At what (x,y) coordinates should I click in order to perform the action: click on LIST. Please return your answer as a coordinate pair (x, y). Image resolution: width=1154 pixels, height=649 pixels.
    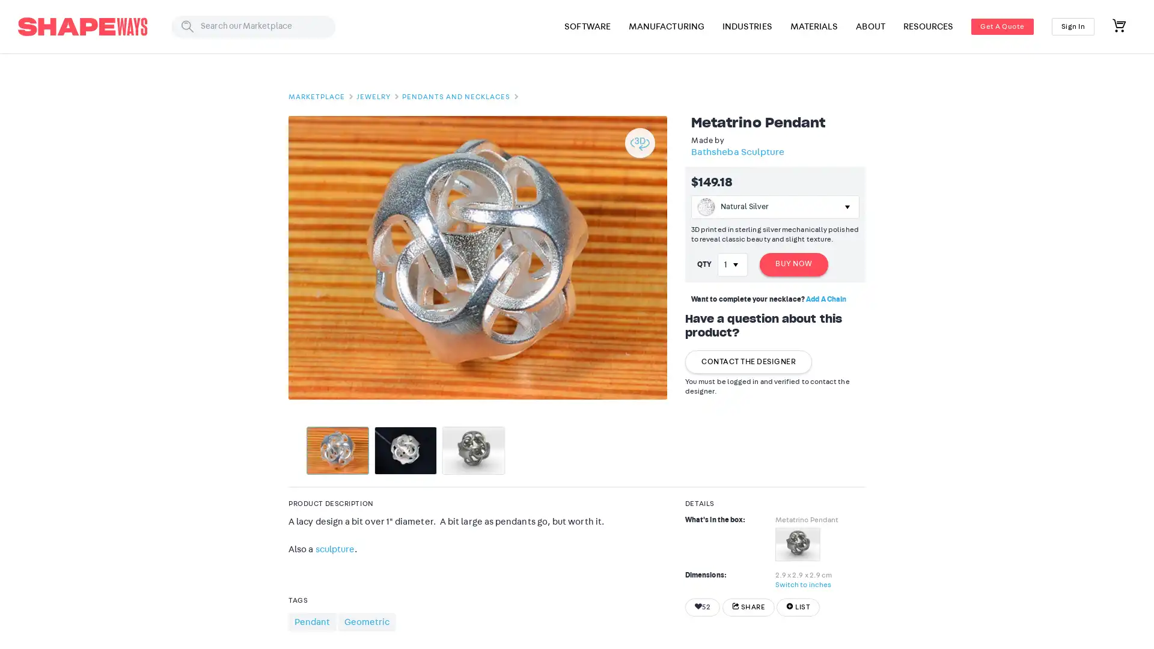
    Looking at the image, I should click on (798, 607).